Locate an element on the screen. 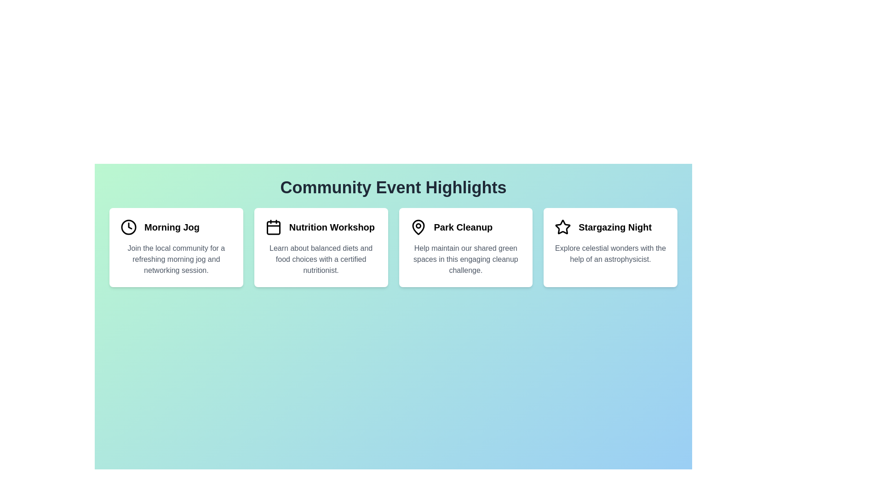 The image size is (883, 497). the clock icon element that is part of the 'Morning Jog' item card, located at the leftmost side above the text label is located at coordinates (128, 227).